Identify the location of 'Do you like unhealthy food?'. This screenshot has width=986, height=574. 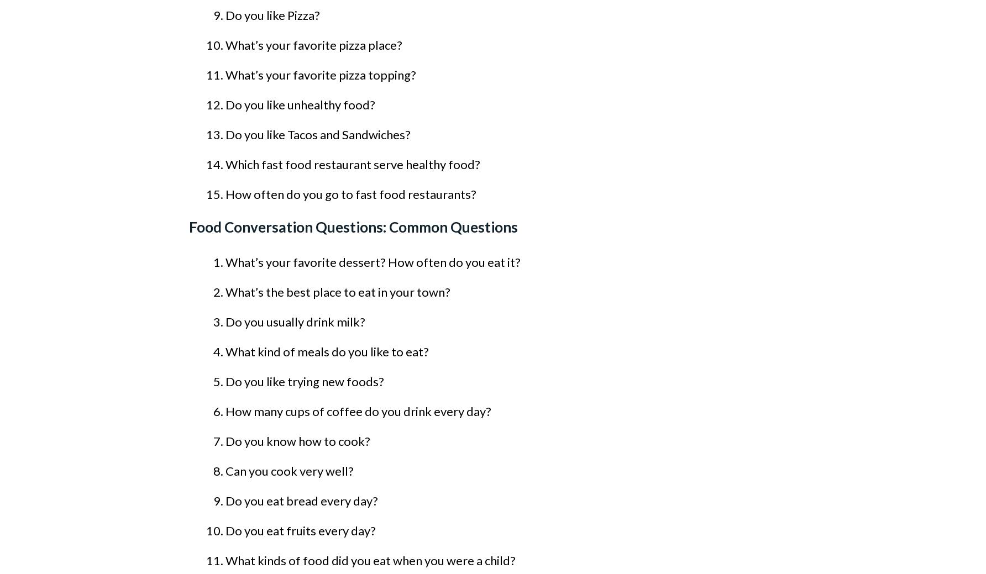
(300, 104).